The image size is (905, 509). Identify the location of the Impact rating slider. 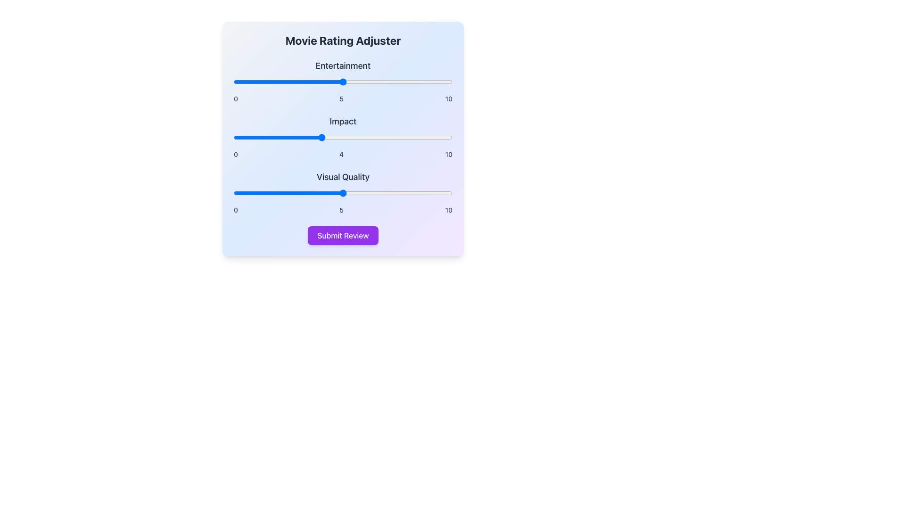
(364, 138).